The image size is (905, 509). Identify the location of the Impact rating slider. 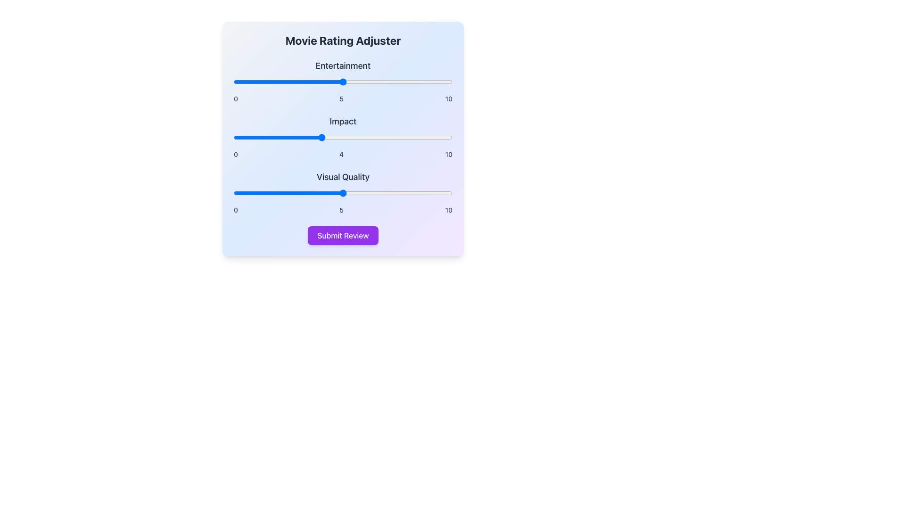
(364, 138).